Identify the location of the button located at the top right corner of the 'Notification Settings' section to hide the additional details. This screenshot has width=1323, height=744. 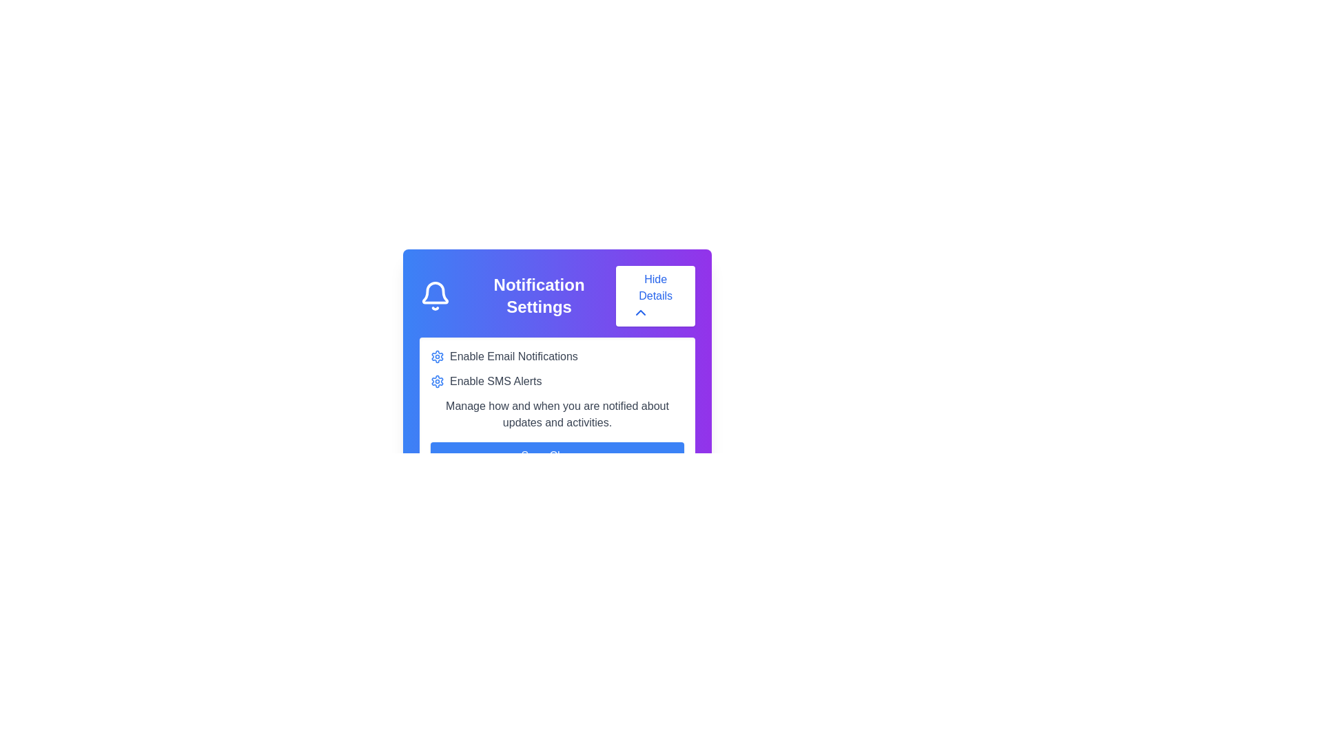
(655, 295).